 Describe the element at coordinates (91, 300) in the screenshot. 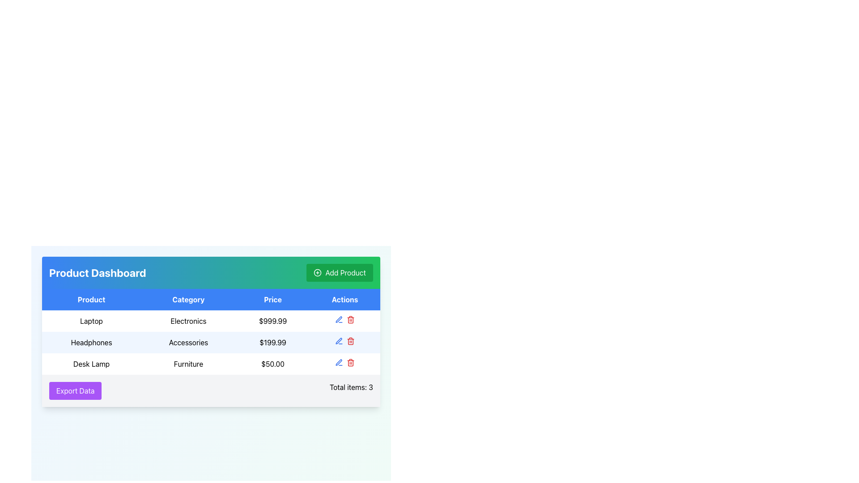

I see `the rectangular blue box labeled 'Product' which is the first column header in the table` at that location.